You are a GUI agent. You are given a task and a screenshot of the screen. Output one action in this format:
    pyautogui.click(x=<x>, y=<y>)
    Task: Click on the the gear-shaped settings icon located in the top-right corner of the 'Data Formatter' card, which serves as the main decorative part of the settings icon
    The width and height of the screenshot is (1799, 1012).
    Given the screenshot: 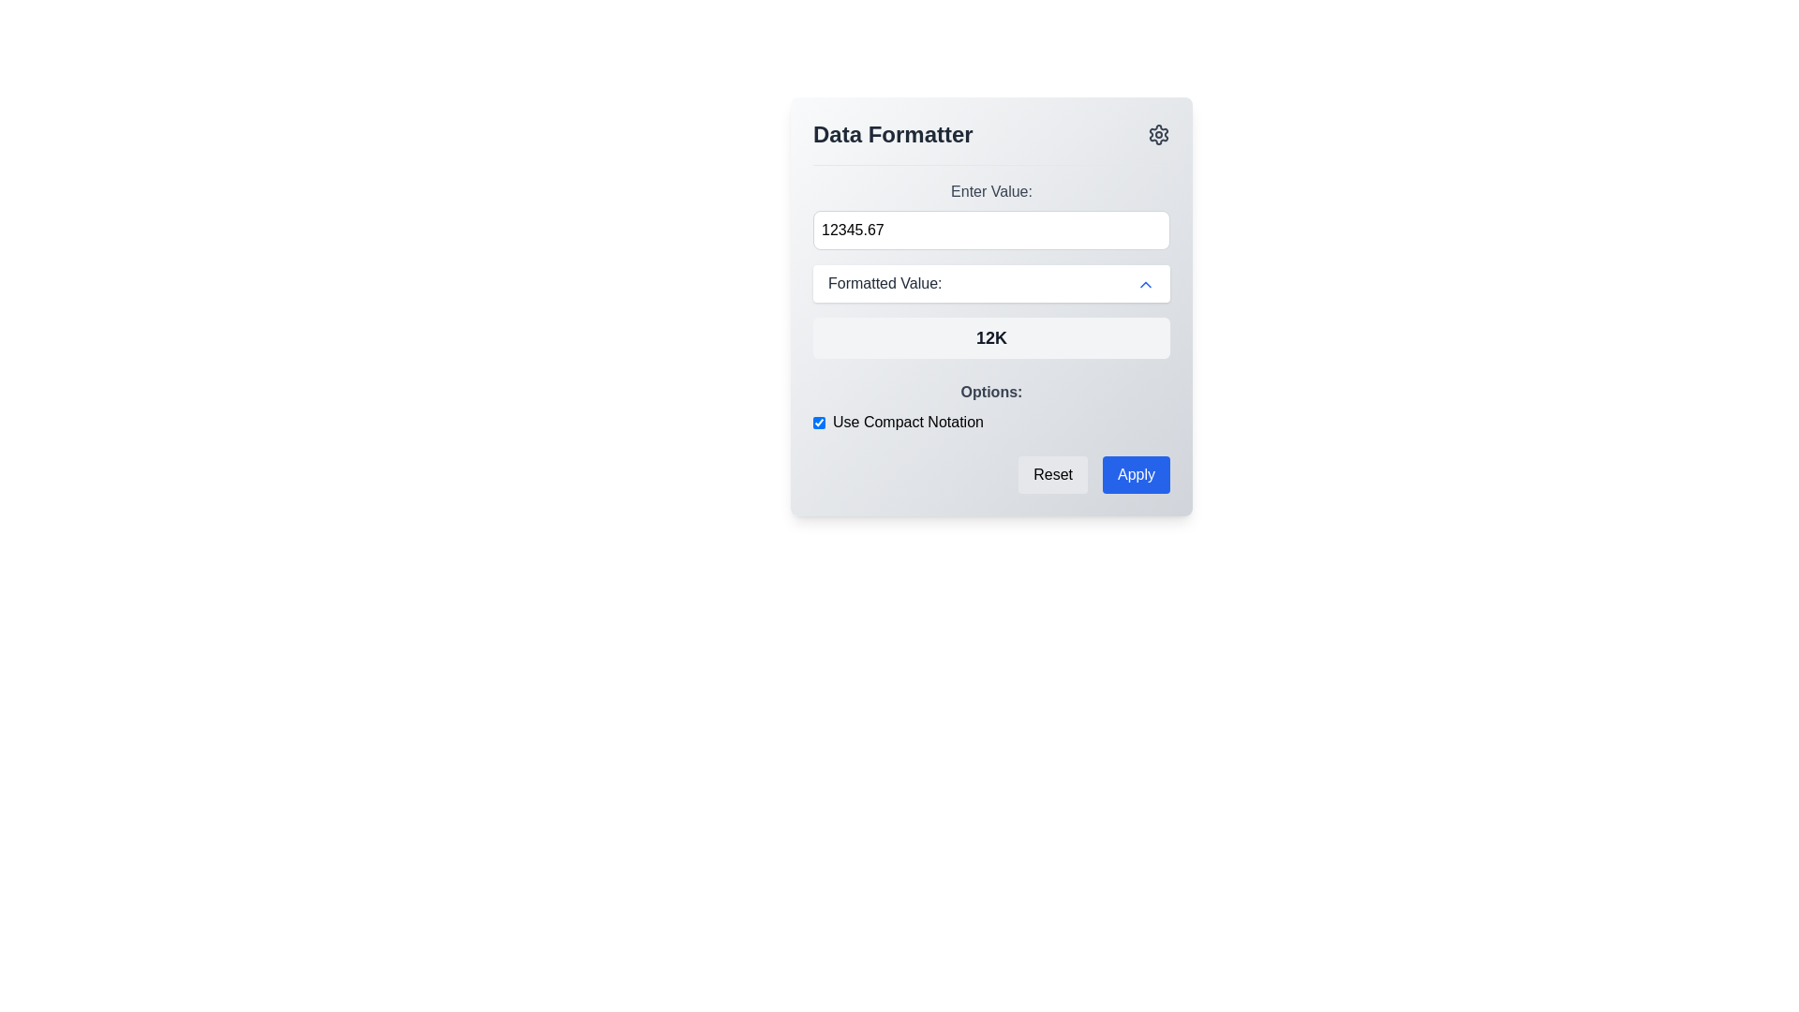 What is the action you would take?
    pyautogui.click(x=1158, y=133)
    